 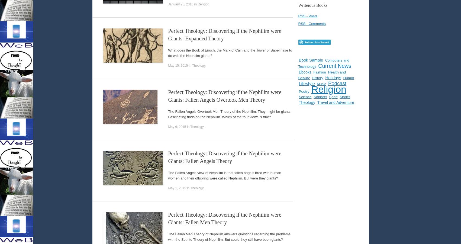 What do you see at coordinates (320, 97) in the screenshot?
I see `'Sonnets'` at bounding box center [320, 97].